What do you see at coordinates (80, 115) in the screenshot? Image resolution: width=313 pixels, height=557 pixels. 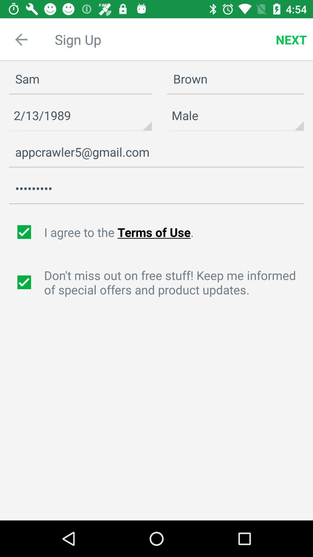 I see `the item below the sam icon` at bounding box center [80, 115].